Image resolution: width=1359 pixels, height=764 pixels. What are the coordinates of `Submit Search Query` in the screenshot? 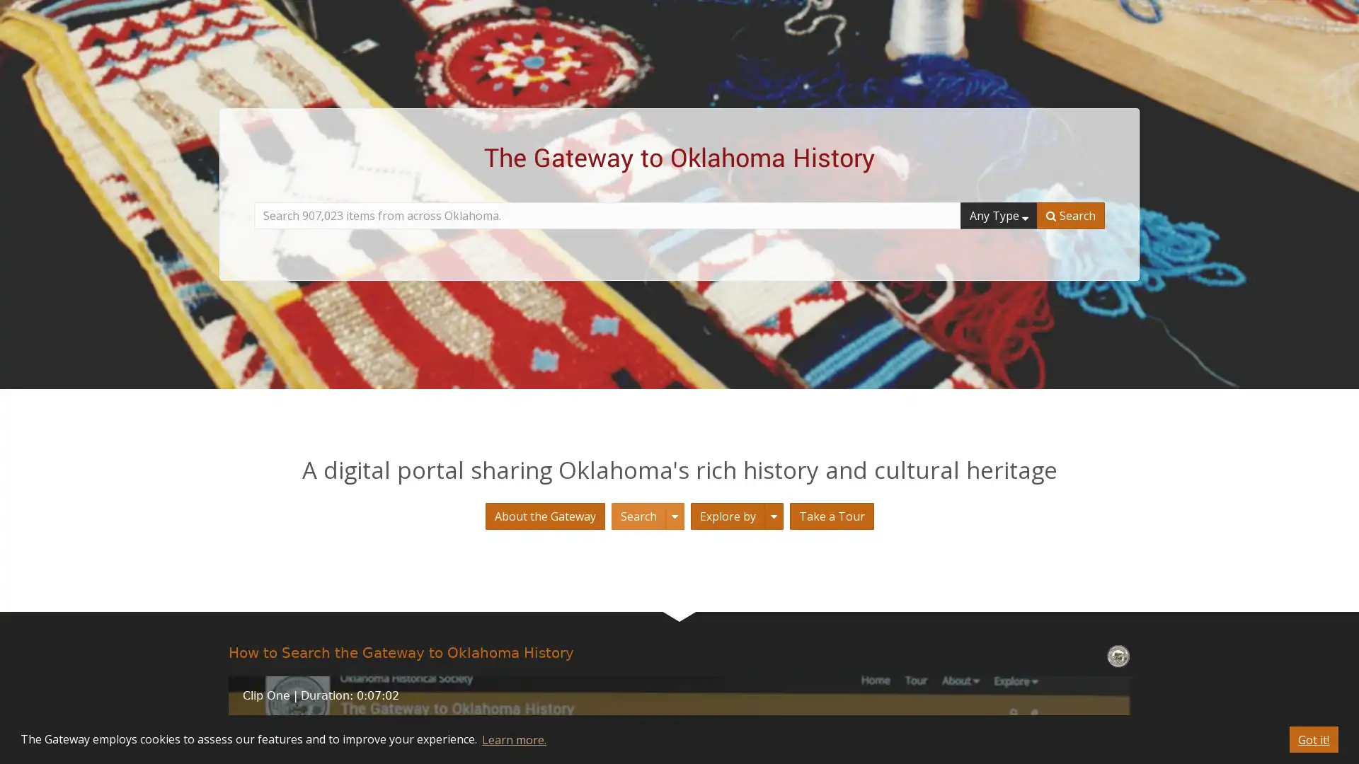 It's located at (1070, 215).